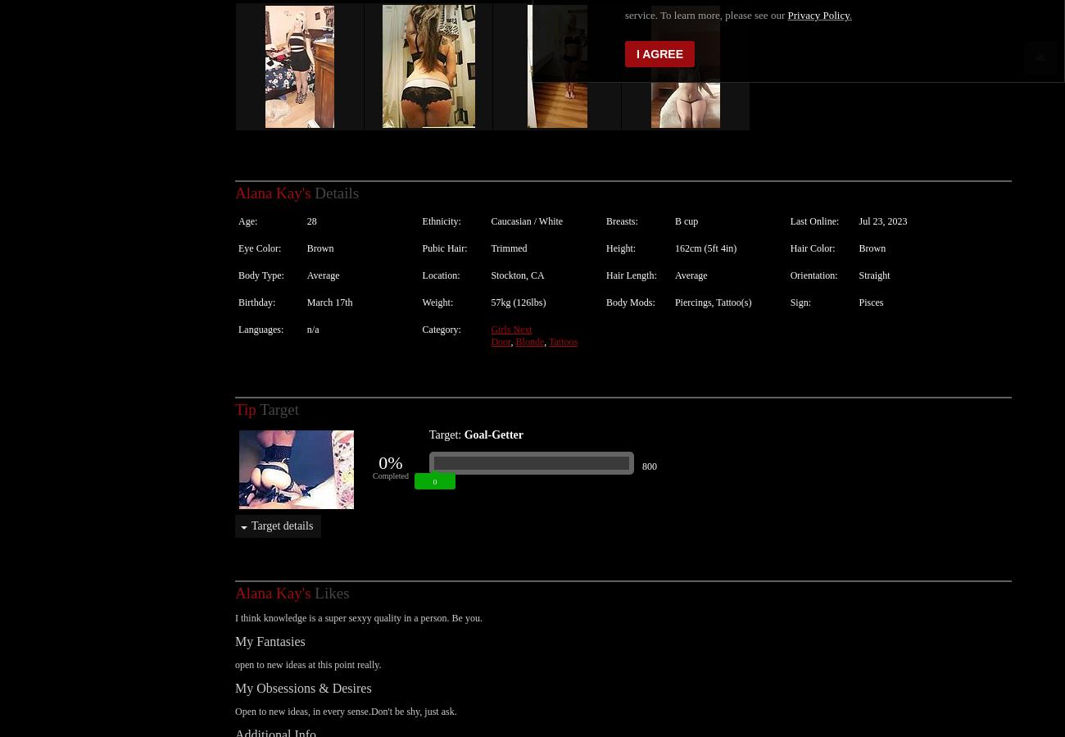 The width and height of the screenshot is (1065, 737). Describe the element at coordinates (443, 230) in the screenshot. I see `'Pubic Hair:'` at that location.